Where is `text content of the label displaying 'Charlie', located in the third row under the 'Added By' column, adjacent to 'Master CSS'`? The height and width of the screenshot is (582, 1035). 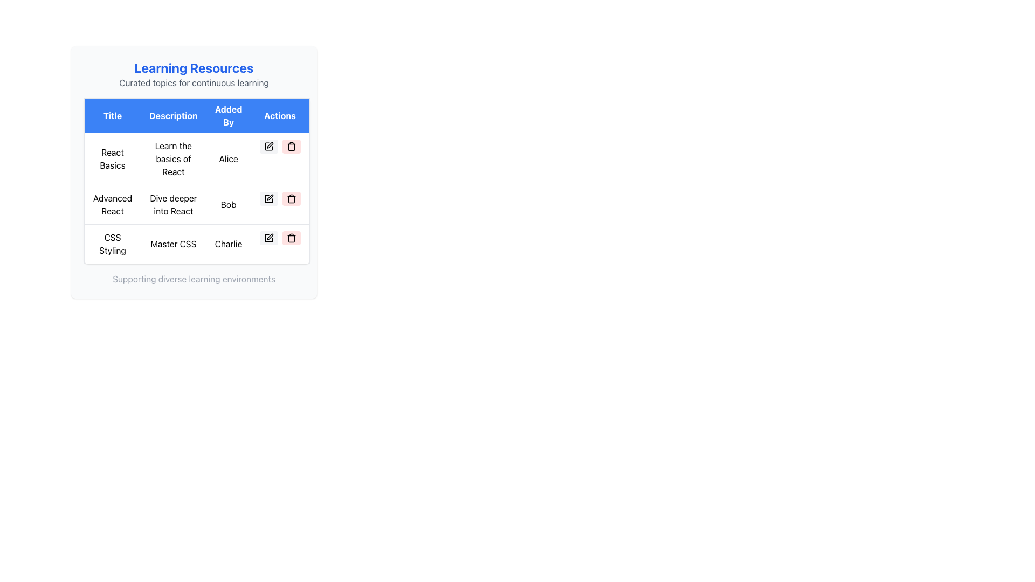
text content of the label displaying 'Charlie', located in the third row under the 'Added By' column, adjacent to 'Master CSS' is located at coordinates (228, 244).